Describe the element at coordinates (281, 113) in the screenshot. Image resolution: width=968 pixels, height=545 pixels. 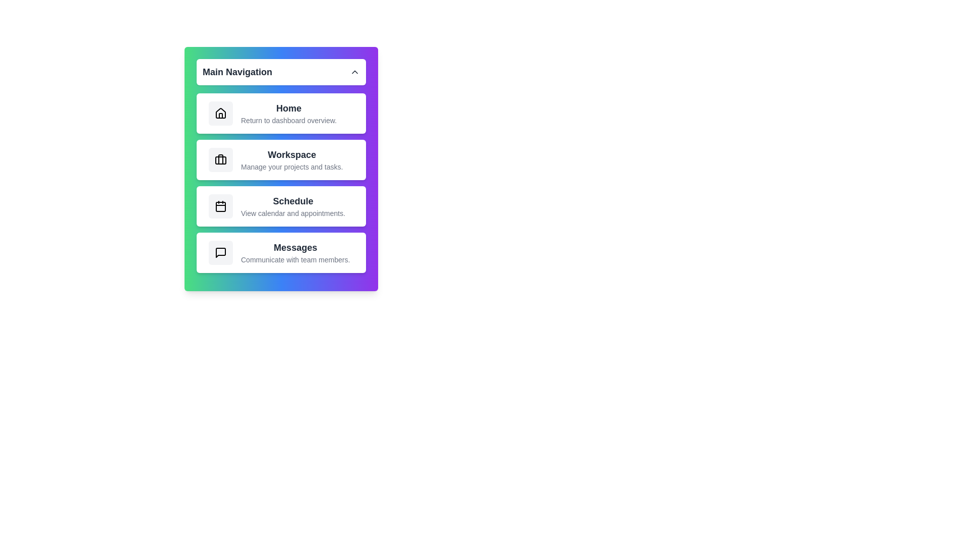
I see `the navigation item Home to observe the hover effect` at that location.